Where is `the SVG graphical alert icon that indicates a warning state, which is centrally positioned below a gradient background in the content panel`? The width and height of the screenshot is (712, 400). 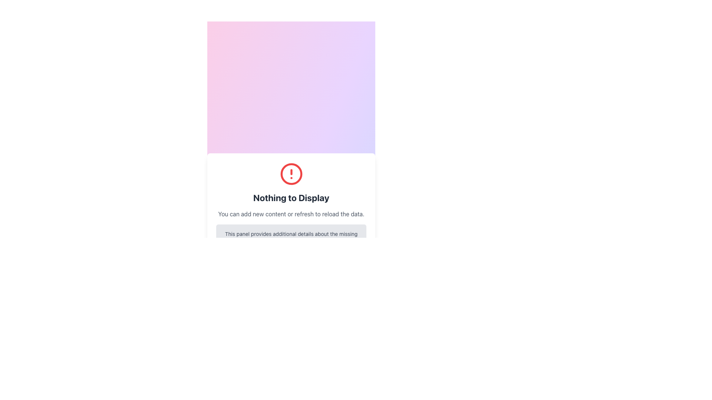
the SVG graphical alert icon that indicates a warning state, which is centrally positioned below a gradient background in the content panel is located at coordinates (291, 174).